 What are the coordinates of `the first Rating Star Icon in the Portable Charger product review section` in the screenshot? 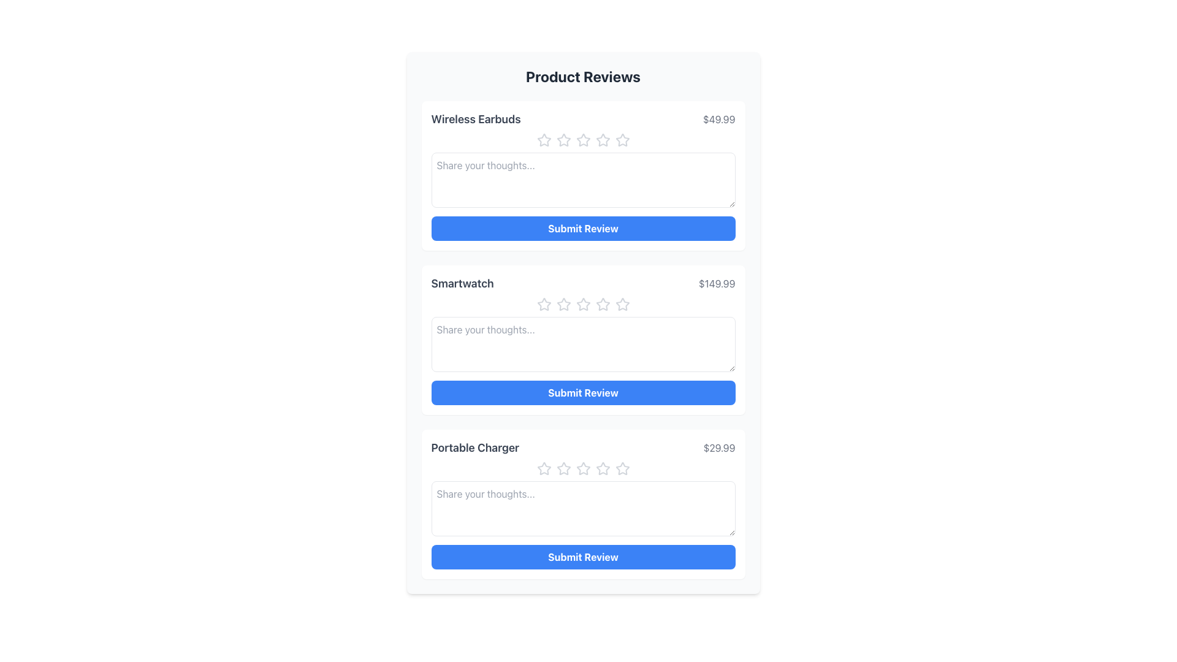 It's located at (543, 468).